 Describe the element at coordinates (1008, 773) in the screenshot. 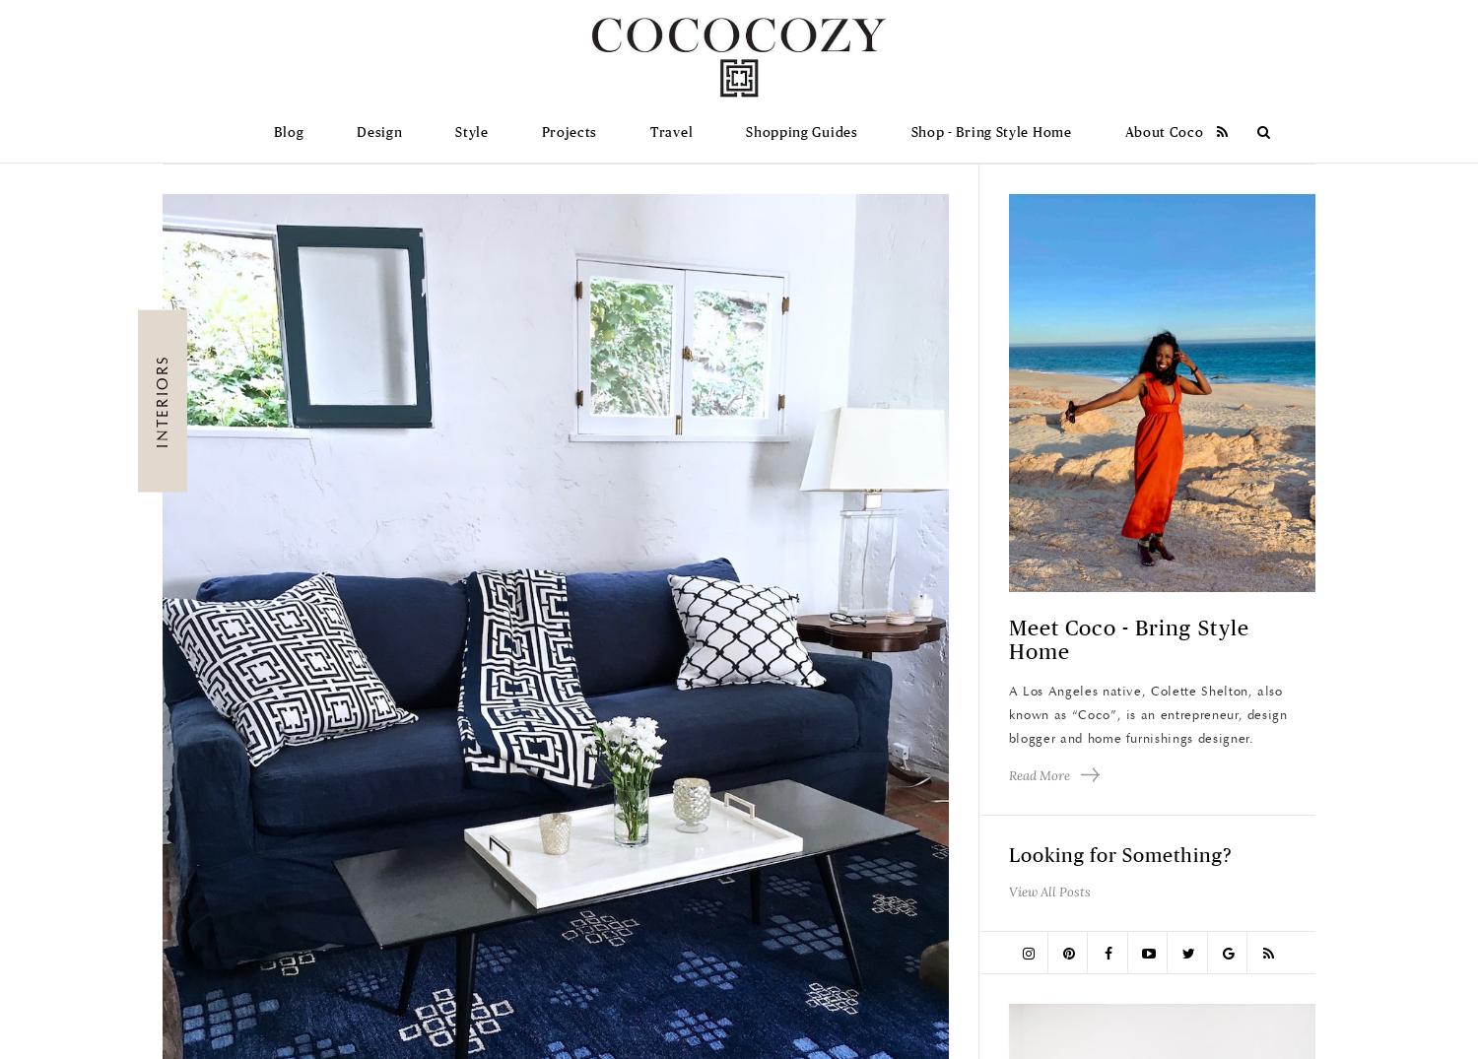

I see `'Read More'` at that location.